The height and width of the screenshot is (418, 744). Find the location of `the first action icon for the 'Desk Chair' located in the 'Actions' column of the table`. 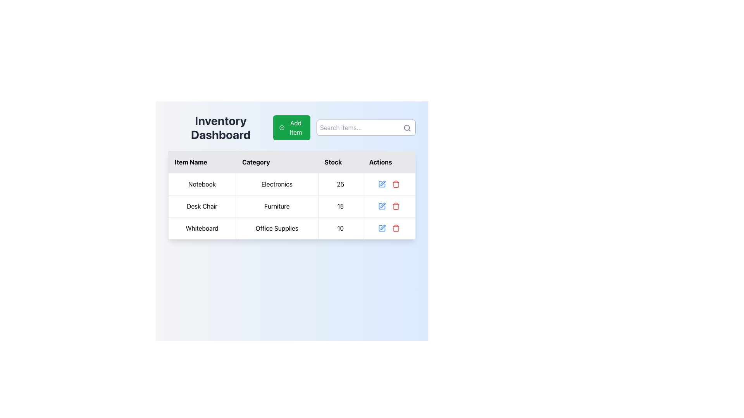

the first action icon for the 'Desk Chair' located in the 'Actions' column of the table is located at coordinates (382, 206).